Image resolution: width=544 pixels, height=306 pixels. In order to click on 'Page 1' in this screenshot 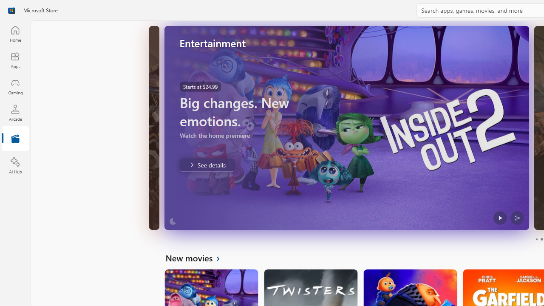, I will do `click(536, 239)`.